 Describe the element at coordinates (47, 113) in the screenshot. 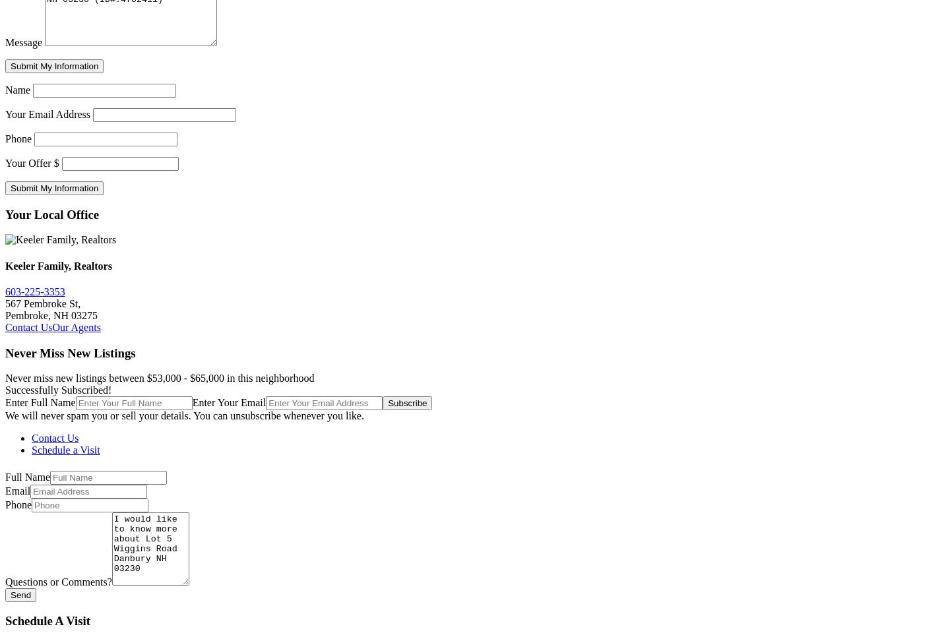

I see `'Your Email Address'` at that location.